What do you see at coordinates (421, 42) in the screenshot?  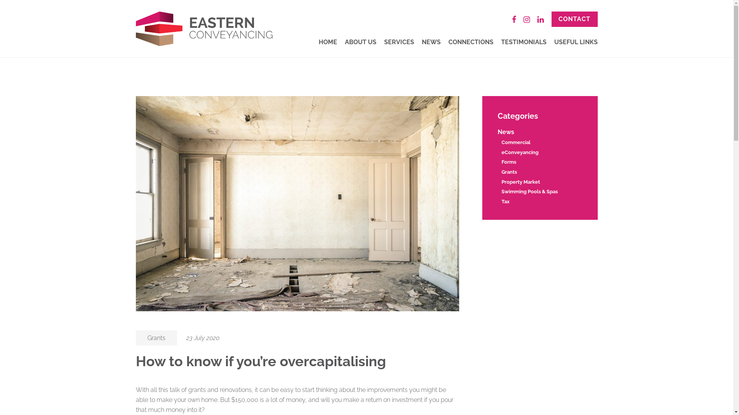 I see `'NEWS'` at bounding box center [421, 42].